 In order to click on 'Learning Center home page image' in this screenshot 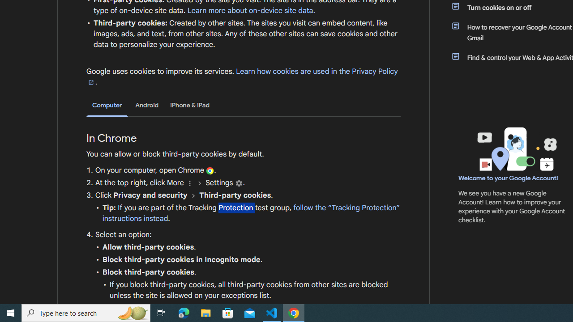, I will do `click(516, 148)`.